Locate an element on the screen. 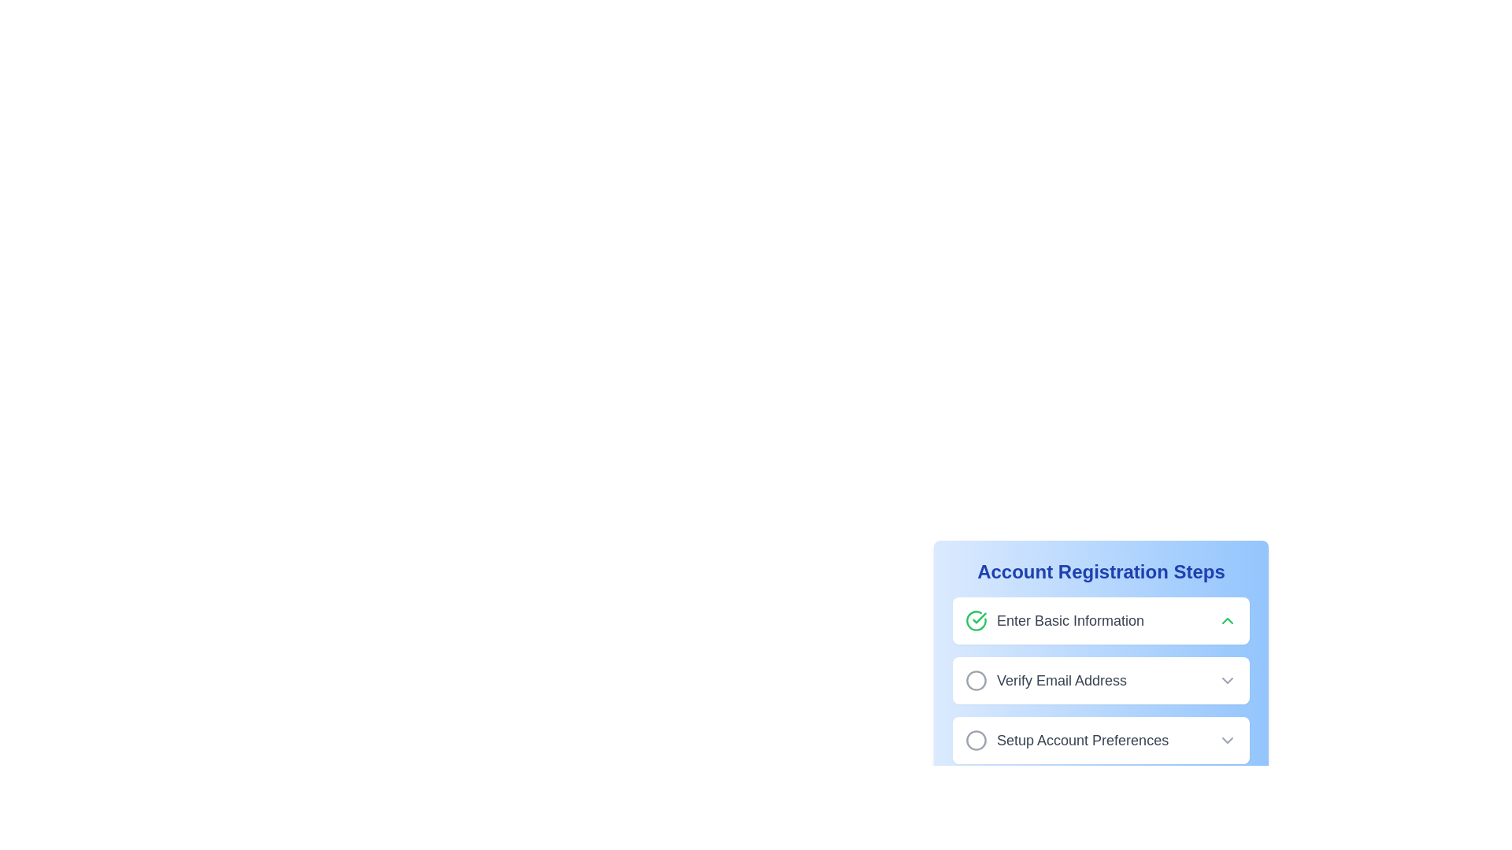  the Static Text Label indicating 'Enter Basic Information' in the registration process, which is positioned to the right of a green checkmark icon is located at coordinates (1070, 620).